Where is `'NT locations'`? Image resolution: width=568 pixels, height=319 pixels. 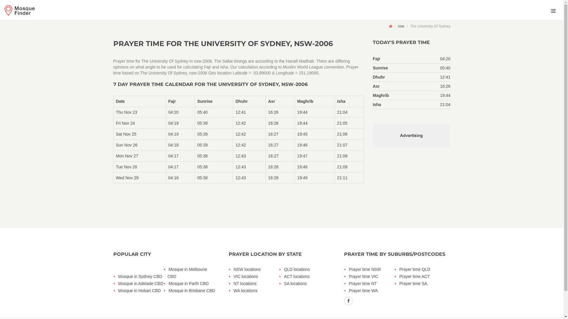 'NT locations' is located at coordinates (257, 283).